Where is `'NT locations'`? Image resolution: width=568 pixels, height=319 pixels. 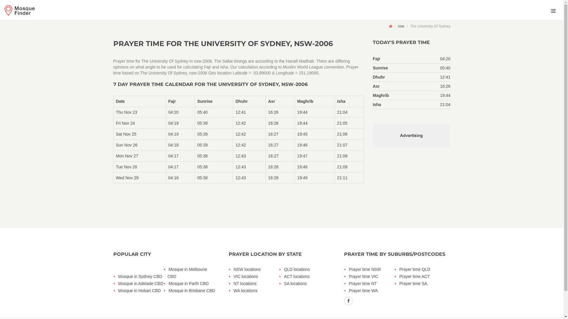 'NT locations' is located at coordinates (257, 283).